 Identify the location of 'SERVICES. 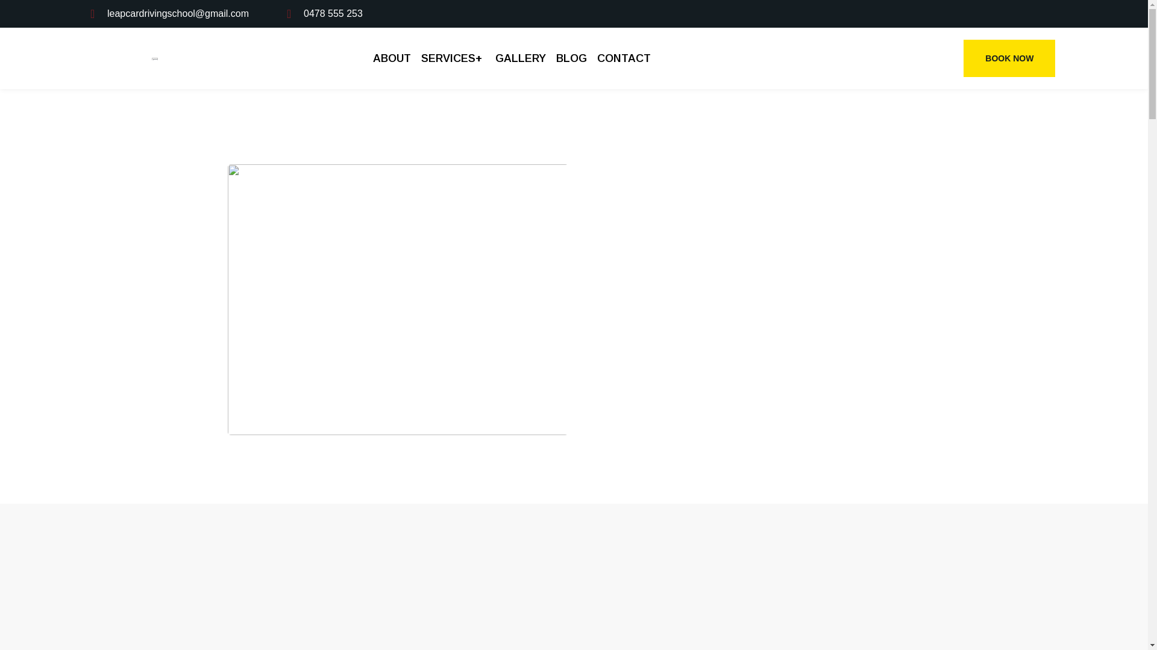
(453, 58).